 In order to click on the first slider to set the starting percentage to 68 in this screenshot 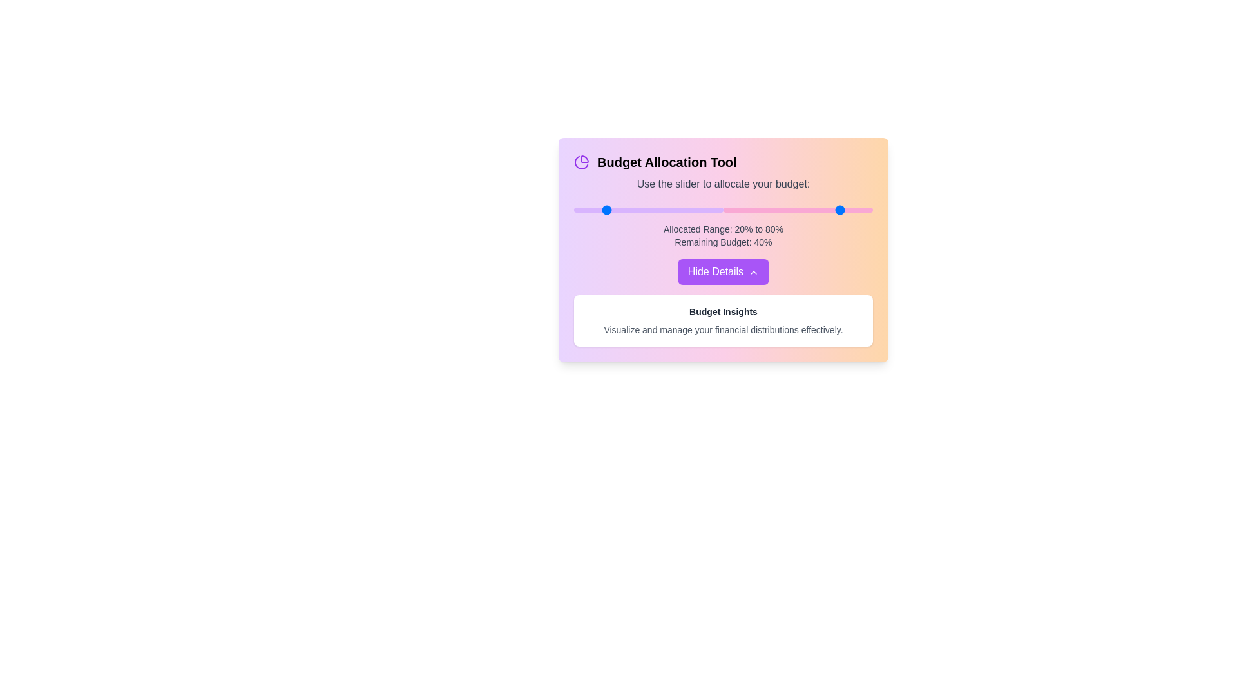, I will do `click(675, 209)`.